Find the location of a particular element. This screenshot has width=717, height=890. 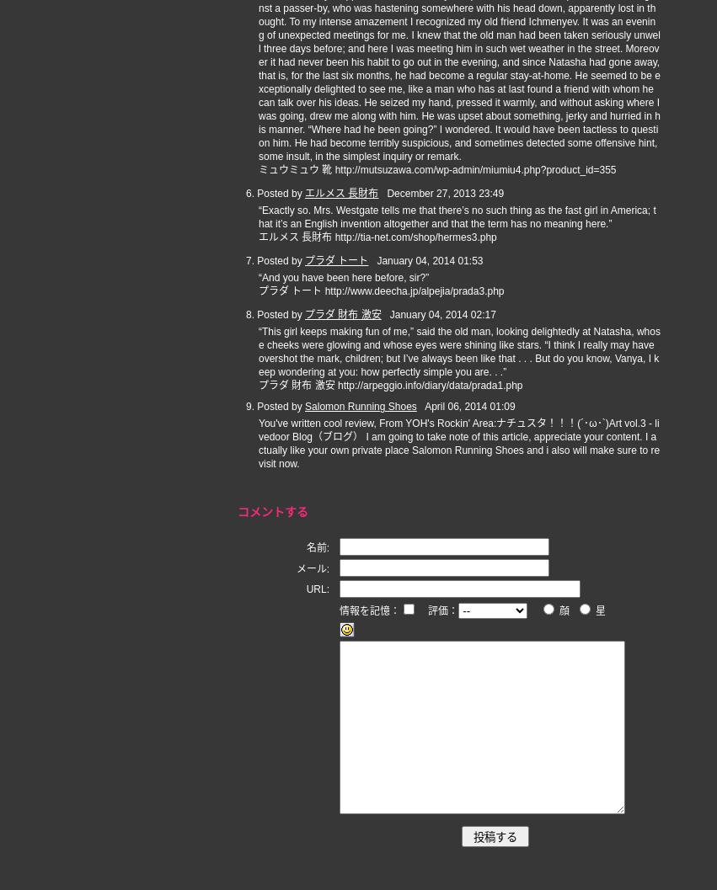

'December 27, 2013 23:49' is located at coordinates (445, 193).